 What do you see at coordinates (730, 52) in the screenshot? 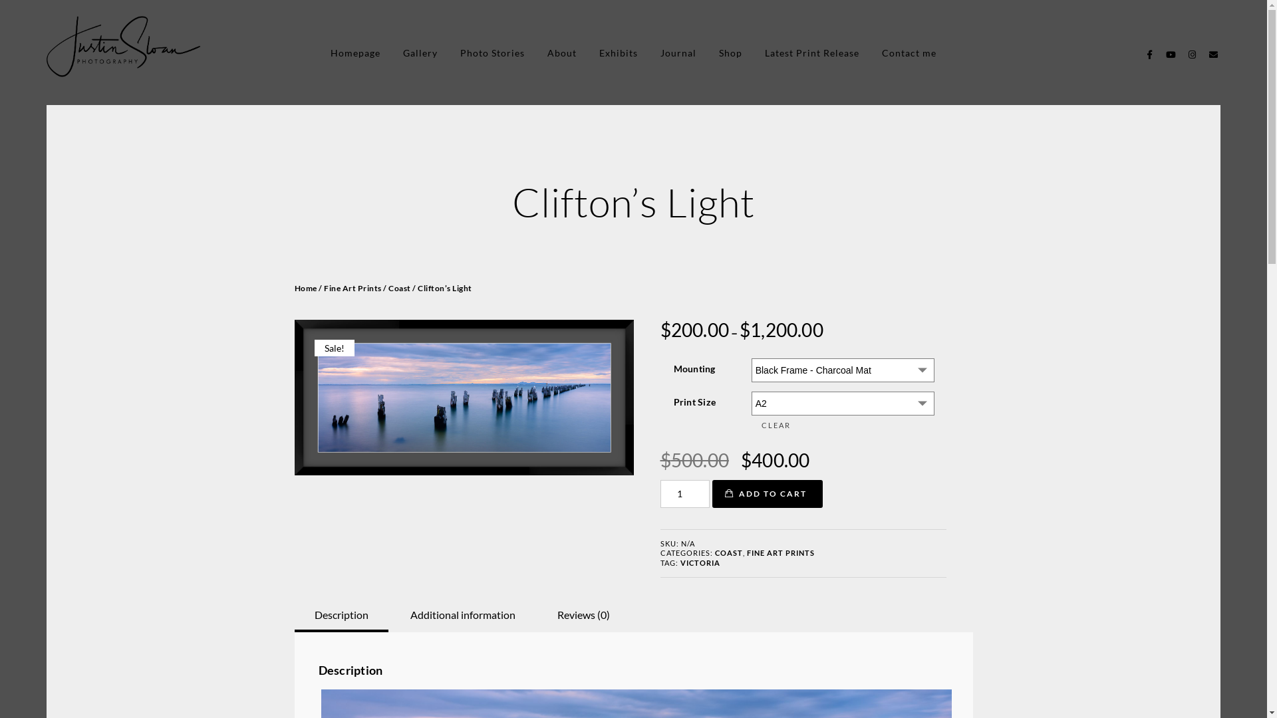
I see `'Shop'` at bounding box center [730, 52].